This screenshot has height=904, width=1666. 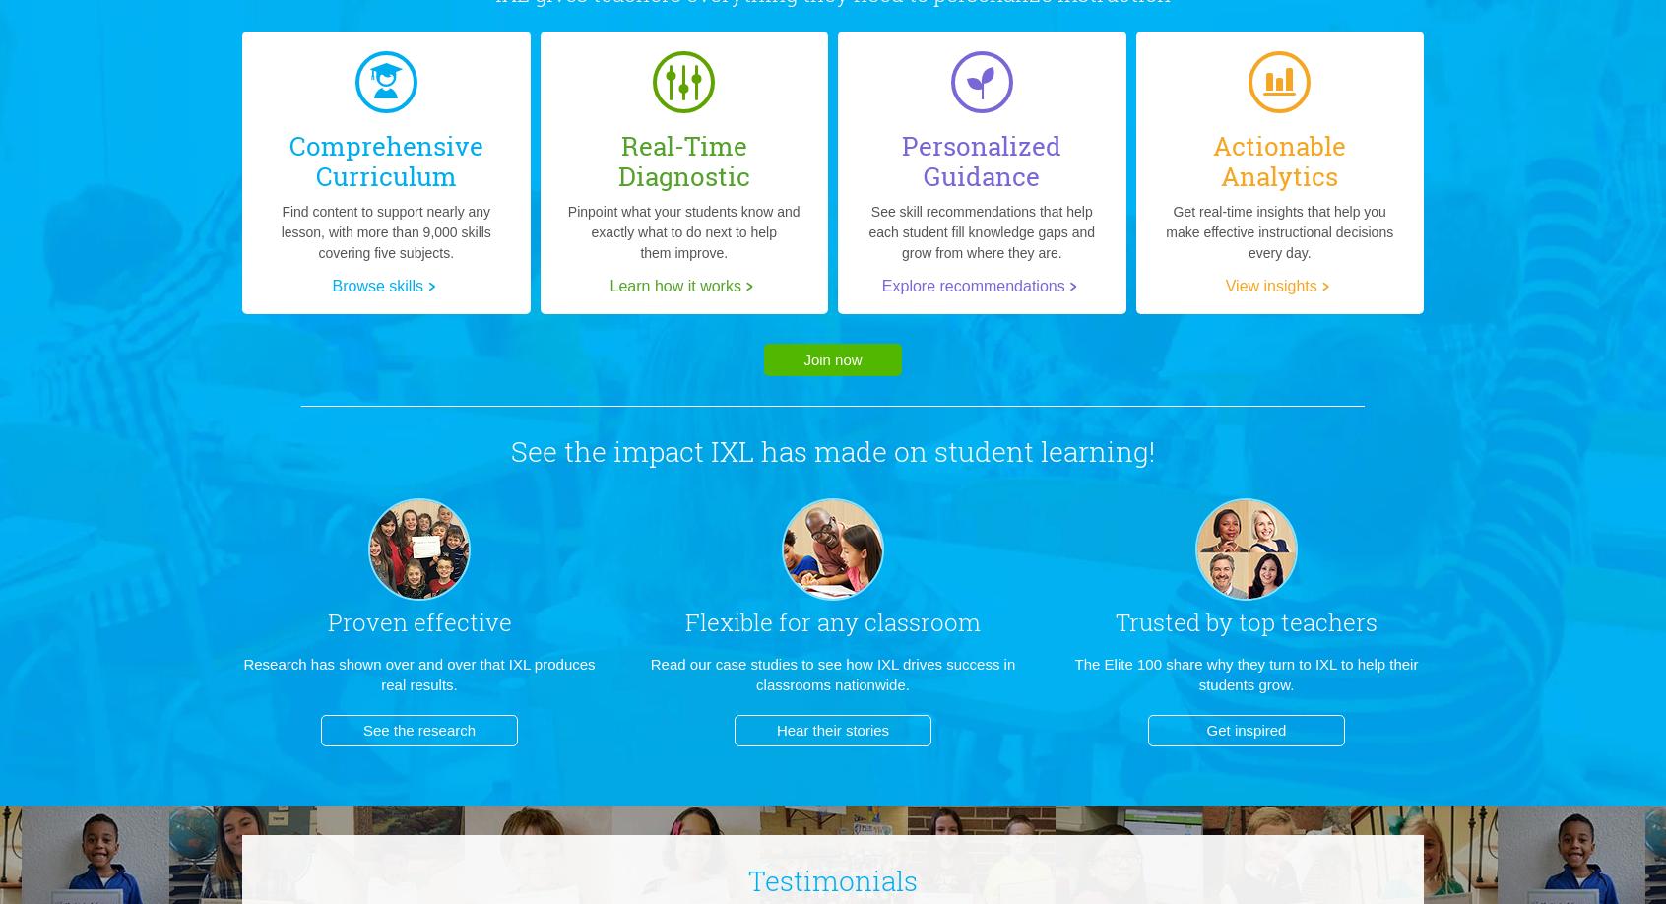 What do you see at coordinates (1278, 143) in the screenshot?
I see `'Actionable'` at bounding box center [1278, 143].